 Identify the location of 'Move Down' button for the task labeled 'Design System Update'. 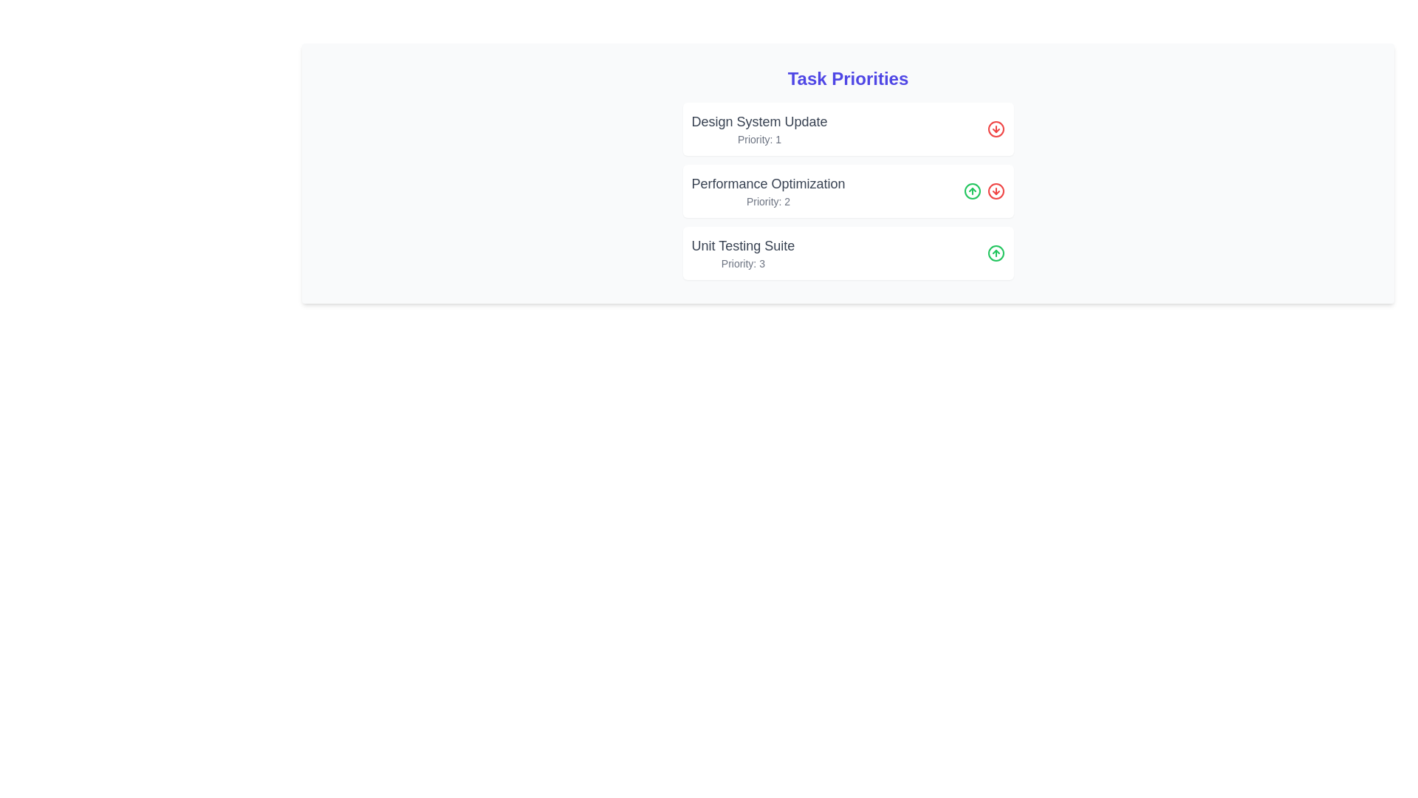
(996, 128).